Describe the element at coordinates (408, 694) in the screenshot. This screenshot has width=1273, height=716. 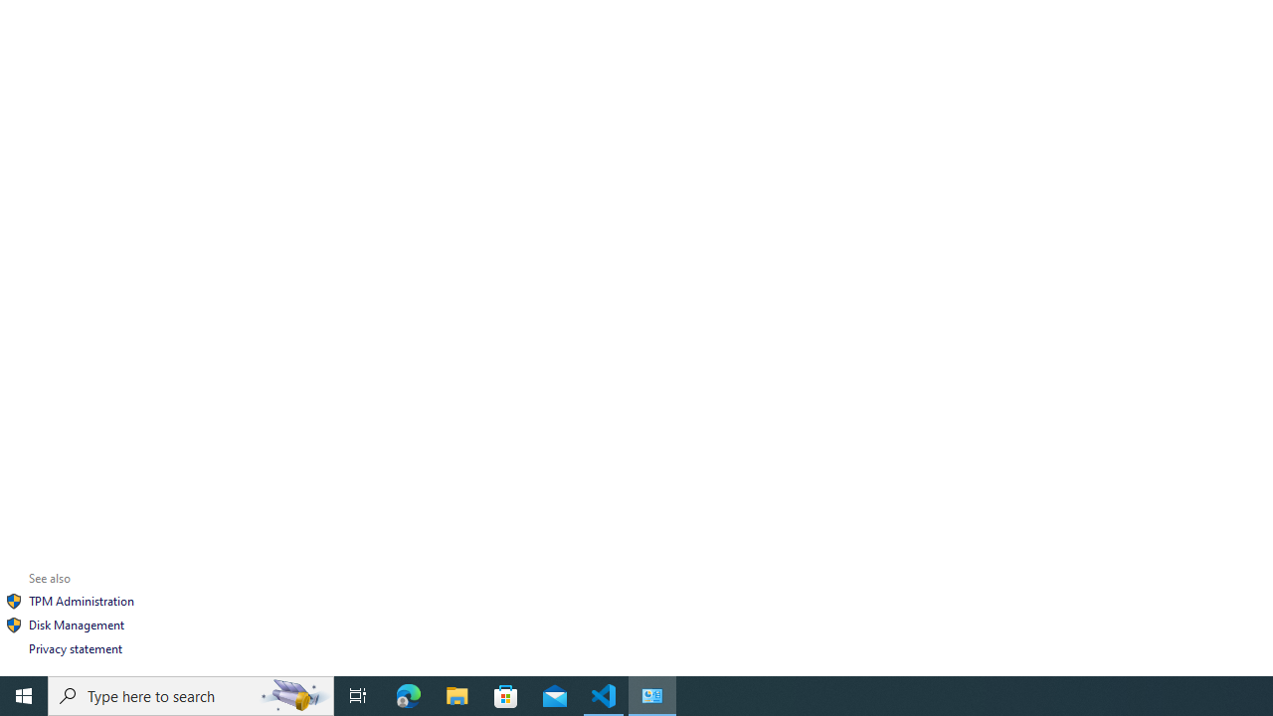
I see `'Microsoft Edge'` at that location.